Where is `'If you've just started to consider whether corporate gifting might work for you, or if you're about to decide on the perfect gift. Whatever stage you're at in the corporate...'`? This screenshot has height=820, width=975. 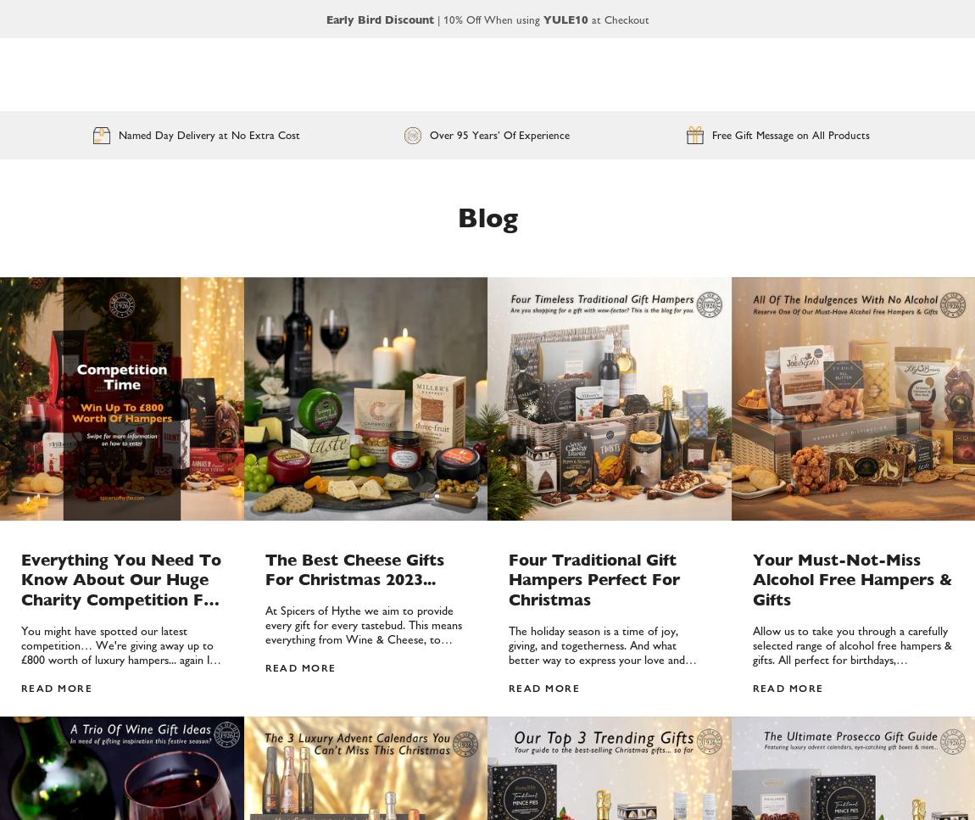 'If you've just started to consider whether corporate gifting might work for you, or if you're about to decide on the perfect gift. Whatever stage you're at in the corporate...' is located at coordinates (751, 438).